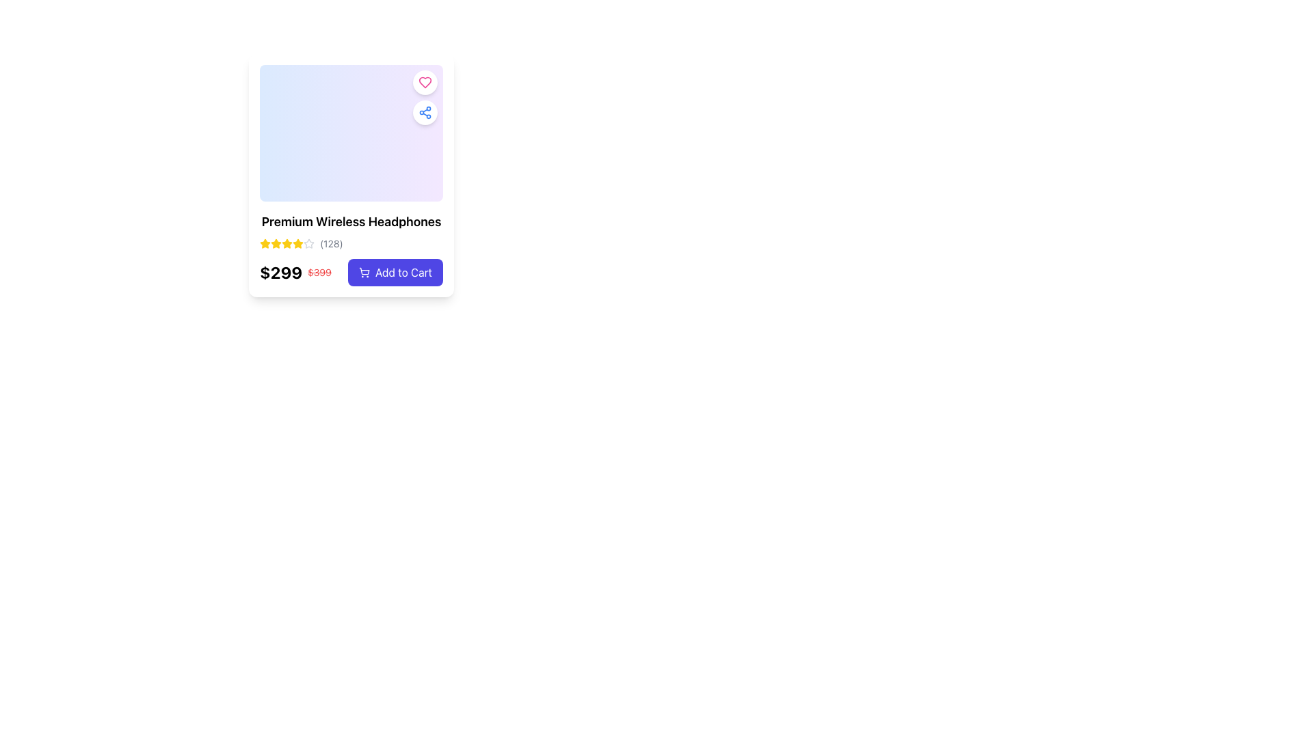  I want to click on the Text label that displays the count of reviews or ratings, located to the immediate right of the rating stars, so click(331, 243).